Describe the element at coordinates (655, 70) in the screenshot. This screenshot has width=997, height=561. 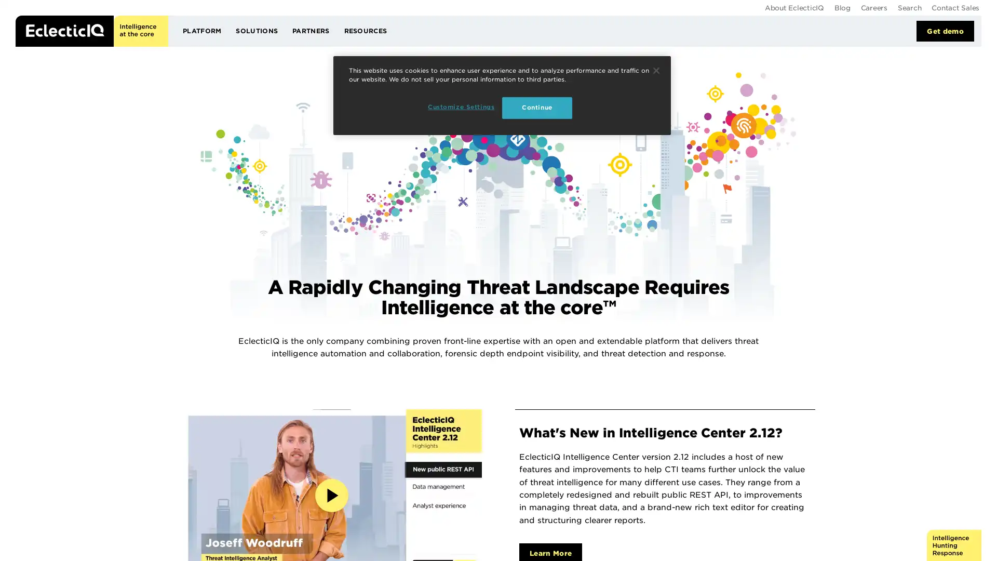
I see `Continue` at that location.